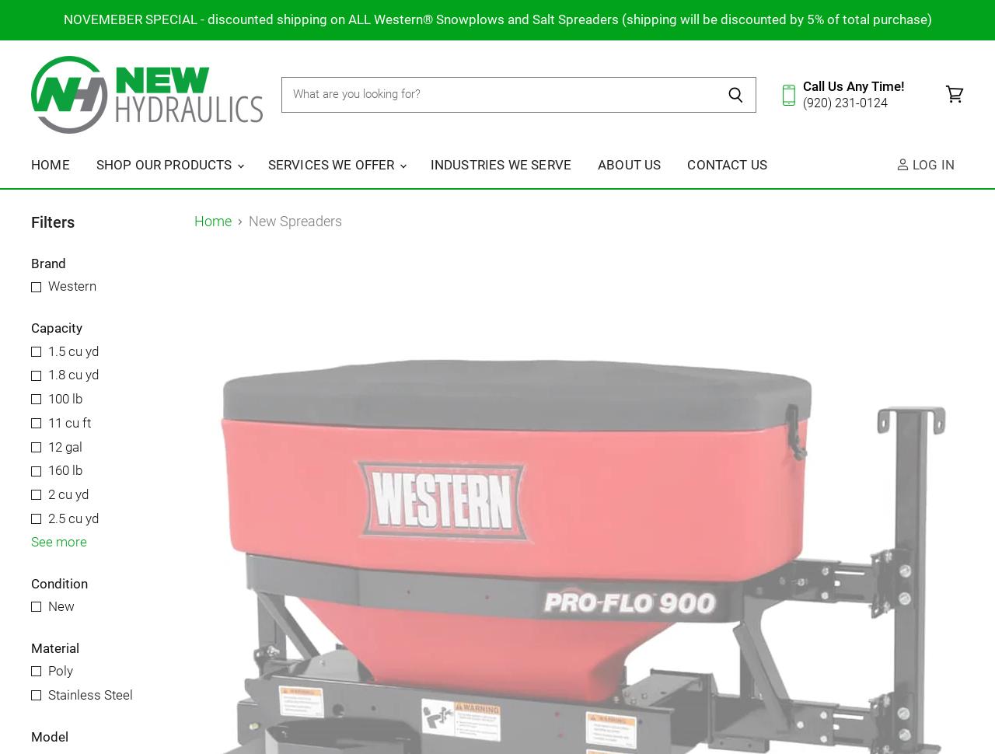 The image size is (995, 754). Describe the element at coordinates (726, 163) in the screenshot. I see `'Contact Us'` at that location.